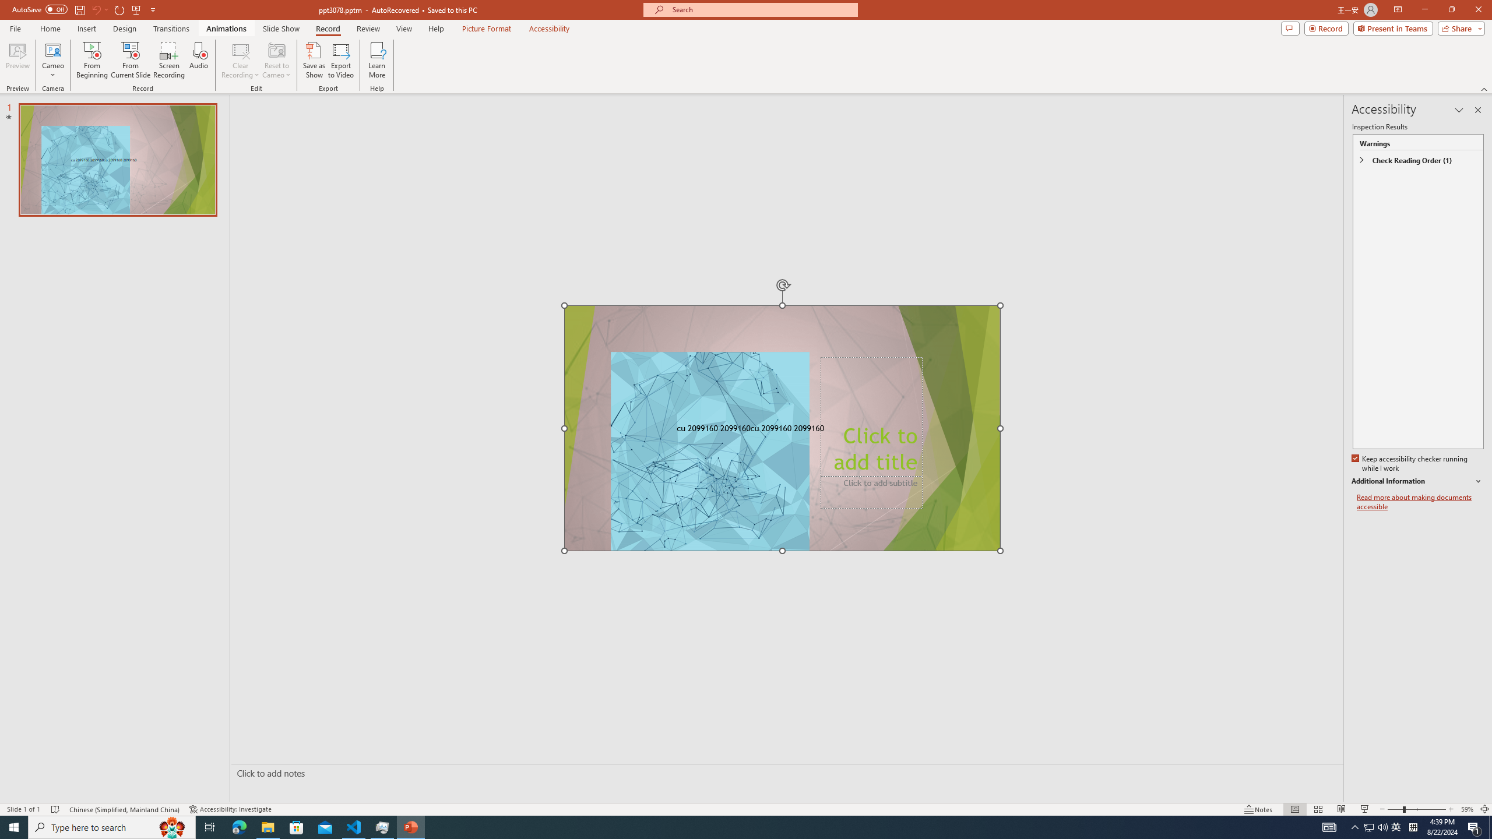 This screenshot has width=1492, height=839. Describe the element at coordinates (487, 29) in the screenshot. I see `'Picture Format'` at that location.